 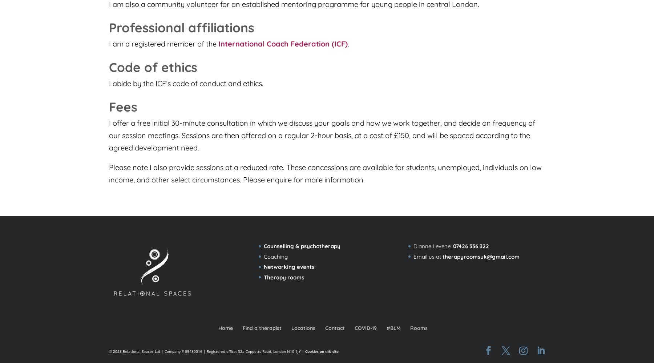 I want to click on 'Code of ethics', so click(x=153, y=67).